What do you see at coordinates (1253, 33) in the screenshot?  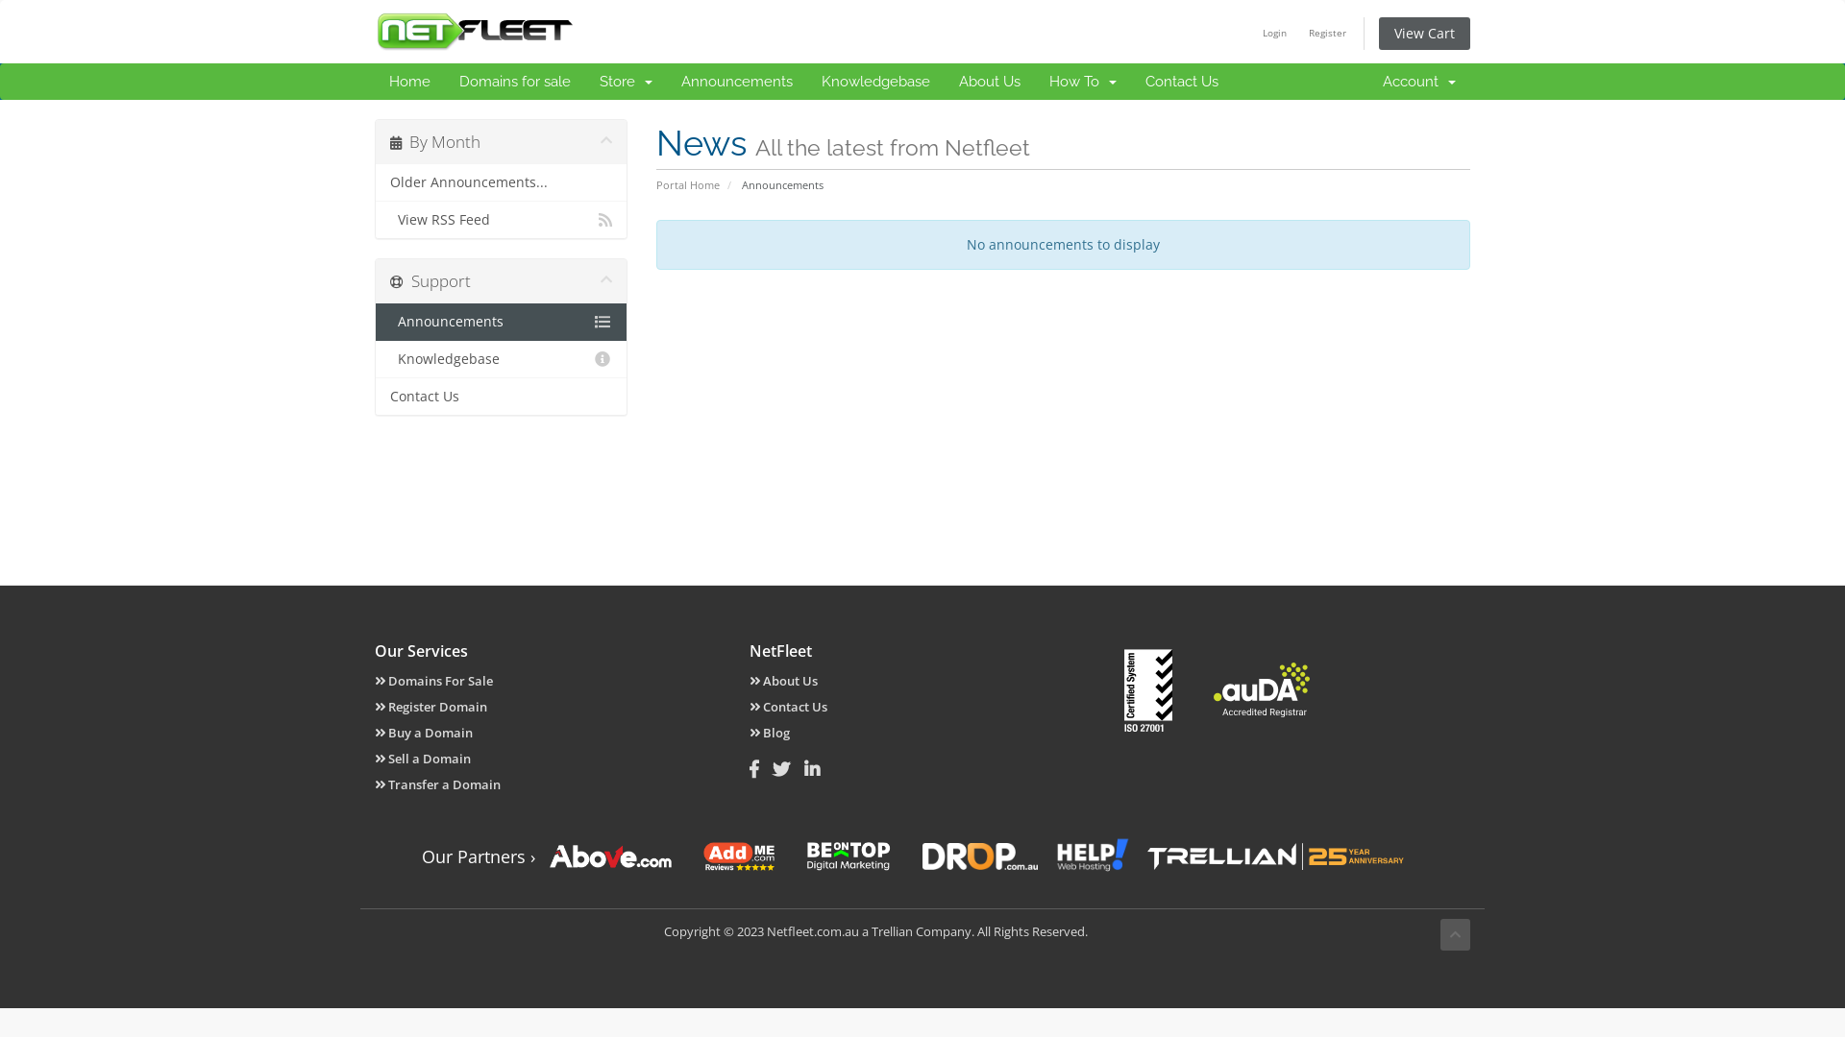 I see `'Login'` at bounding box center [1253, 33].